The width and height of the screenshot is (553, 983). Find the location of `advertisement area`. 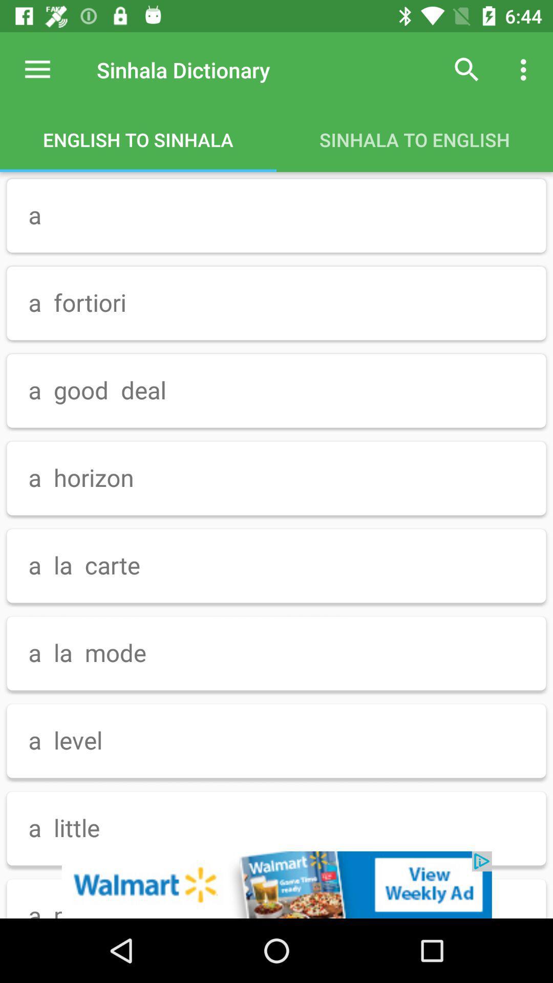

advertisement area is located at coordinates (276, 884).